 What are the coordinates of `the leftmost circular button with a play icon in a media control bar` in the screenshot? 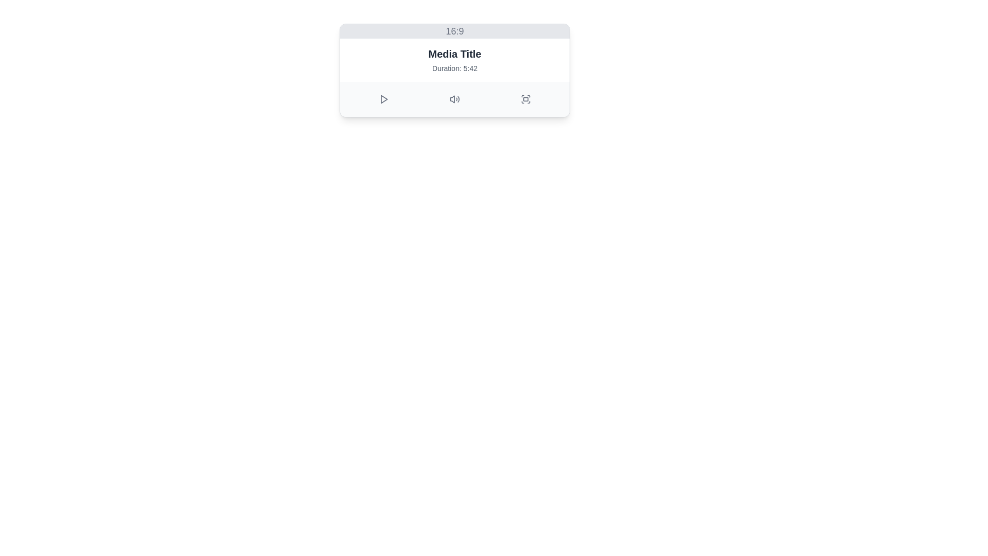 It's located at (383, 99).